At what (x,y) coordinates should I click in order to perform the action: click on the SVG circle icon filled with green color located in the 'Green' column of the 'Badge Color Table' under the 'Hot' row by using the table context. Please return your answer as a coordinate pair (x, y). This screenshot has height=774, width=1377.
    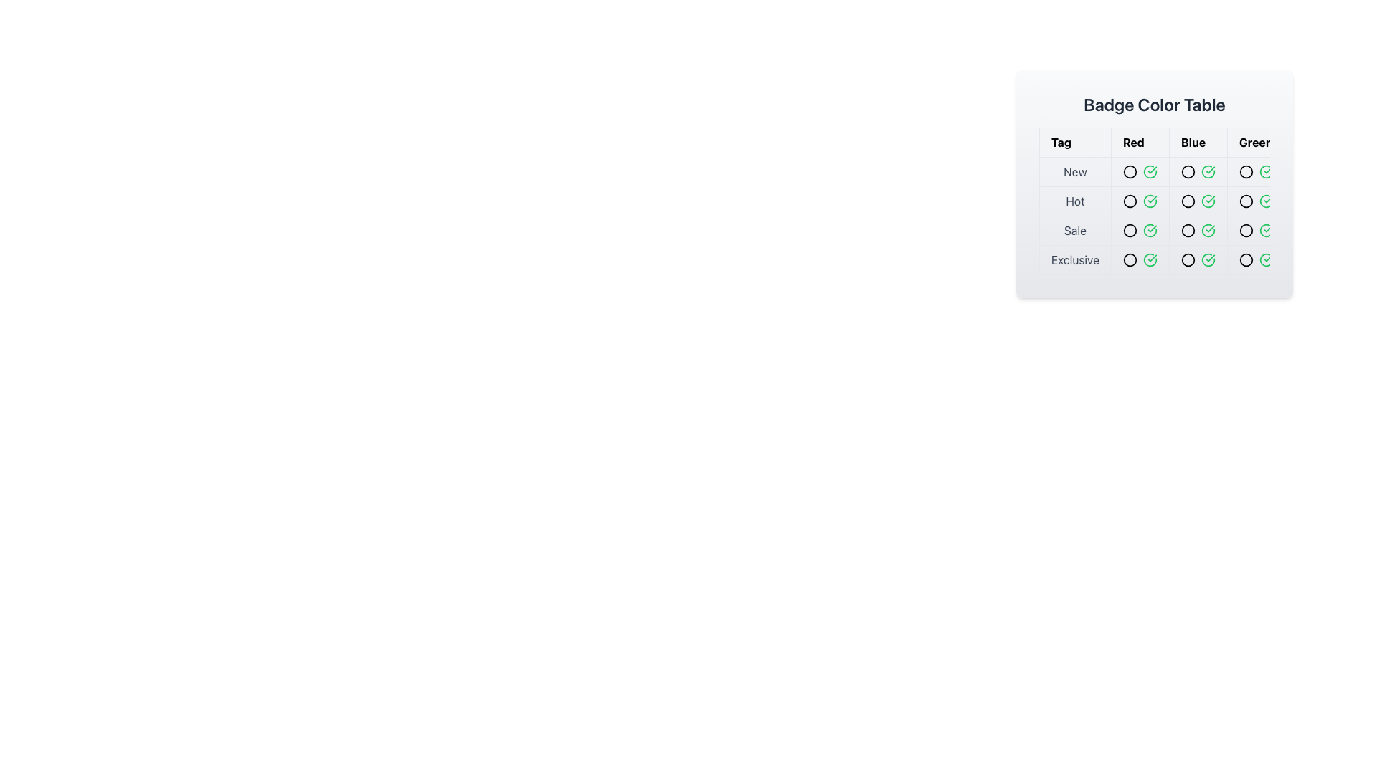
    Looking at the image, I should click on (1245, 201).